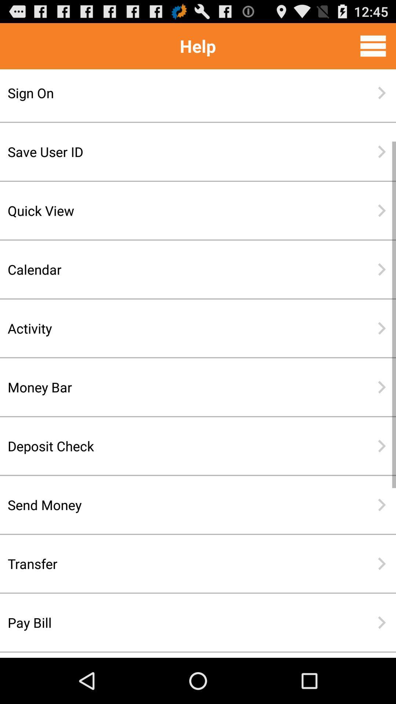 This screenshot has height=704, width=396. Describe the element at coordinates (381, 445) in the screenshot. I see `the item to the right of the deposit check item` at that location.